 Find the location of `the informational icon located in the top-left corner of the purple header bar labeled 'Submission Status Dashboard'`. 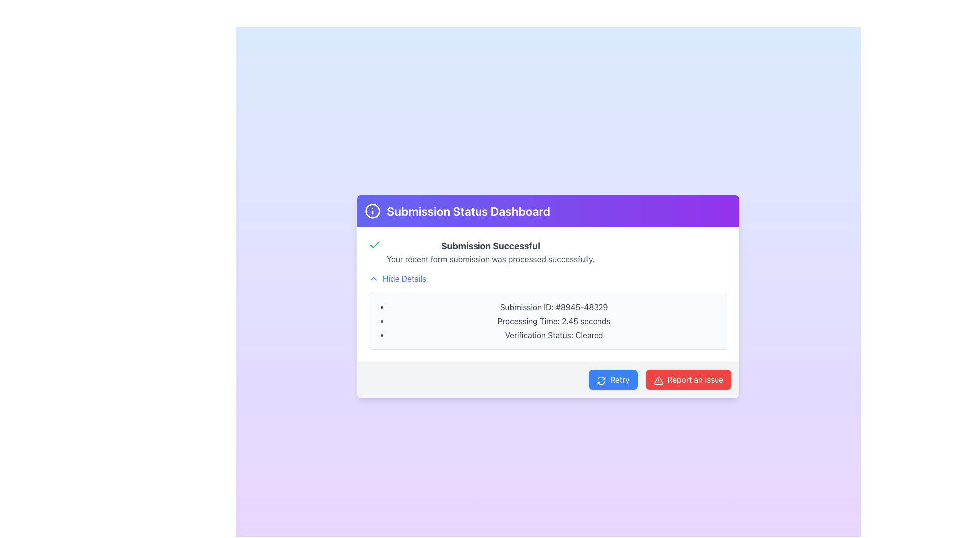

the informational icon located in the top-left corner of the purple header bar labeled 'Submission Status Dashboard' is located at coordinates (372, 211).